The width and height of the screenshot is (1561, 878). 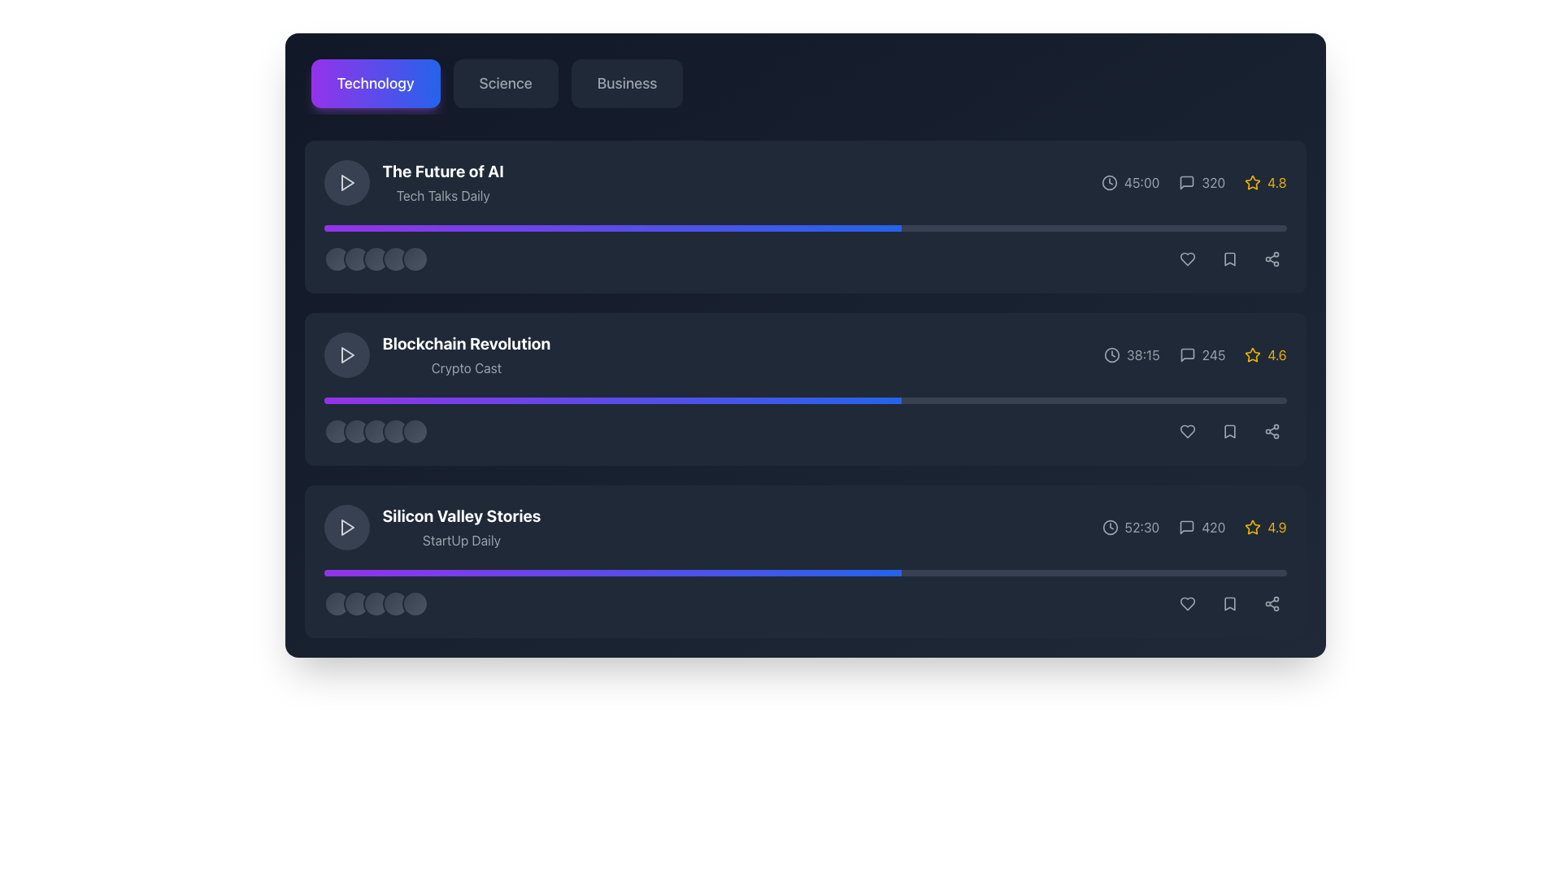 I want to click on the progress indication of the second progress bar under the section titled 'Blockchain Revolution', which is a horizontal bar with a gradient from purple to blue, so click(x=805, y=421).